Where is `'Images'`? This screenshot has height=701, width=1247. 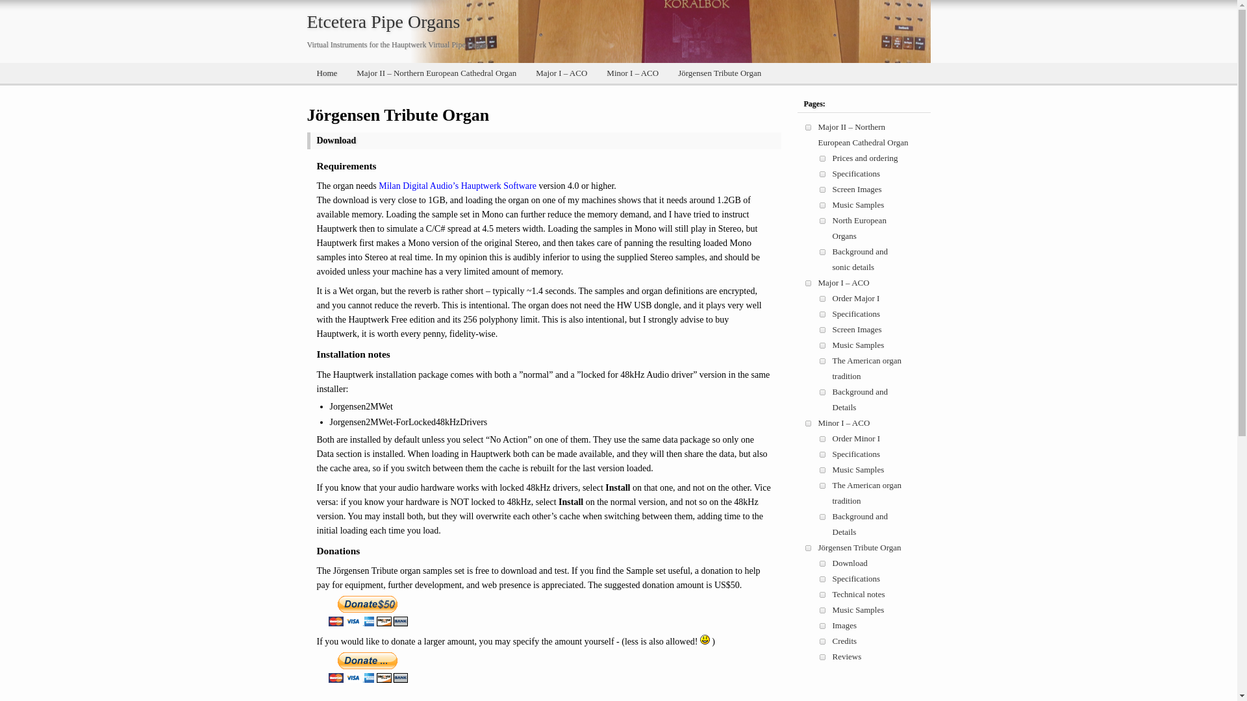 'Images' is located at coordinates (844, 624).